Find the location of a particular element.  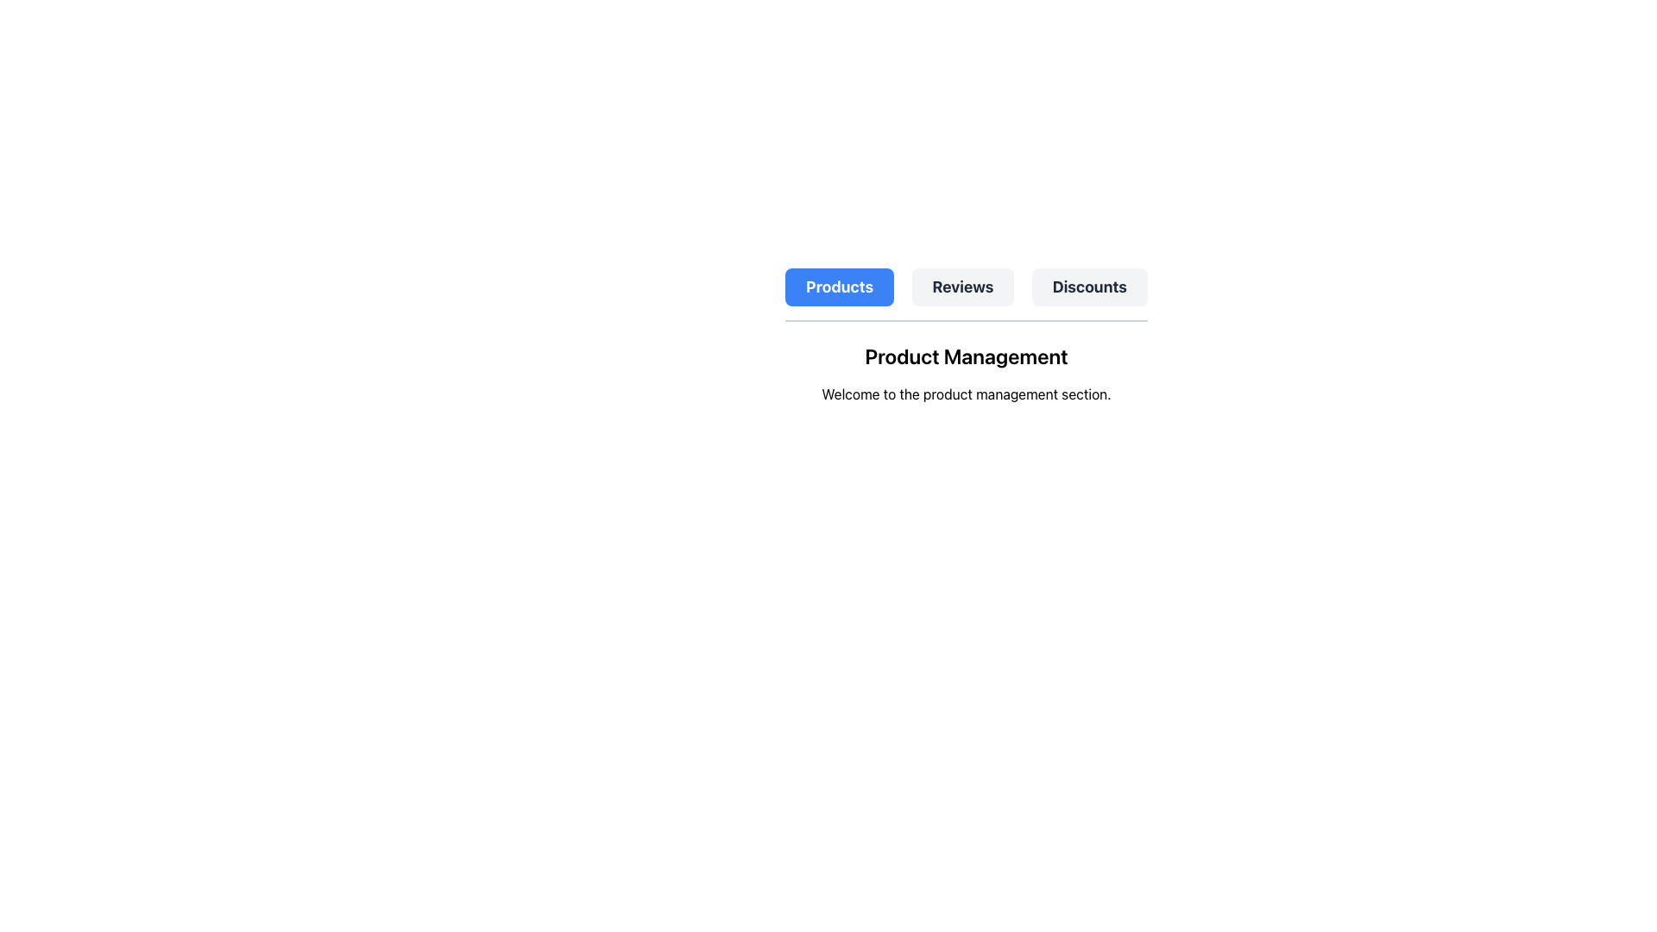

the informational text label welcoming users to the product management section, located directly below the title 'Product Management' is located at coordinates (965, 394).